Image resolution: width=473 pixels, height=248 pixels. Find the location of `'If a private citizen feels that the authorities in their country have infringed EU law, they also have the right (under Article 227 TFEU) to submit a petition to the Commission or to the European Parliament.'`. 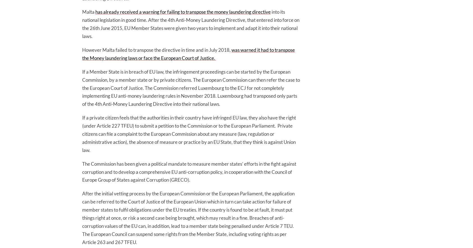

'If a private citizen feels that the authorities in their country have infringed EU law, they also have the right (under Article 227 TFEU) to submit a petition to the Commission or to the European Parliament.' is located at coordinates (82, 121).